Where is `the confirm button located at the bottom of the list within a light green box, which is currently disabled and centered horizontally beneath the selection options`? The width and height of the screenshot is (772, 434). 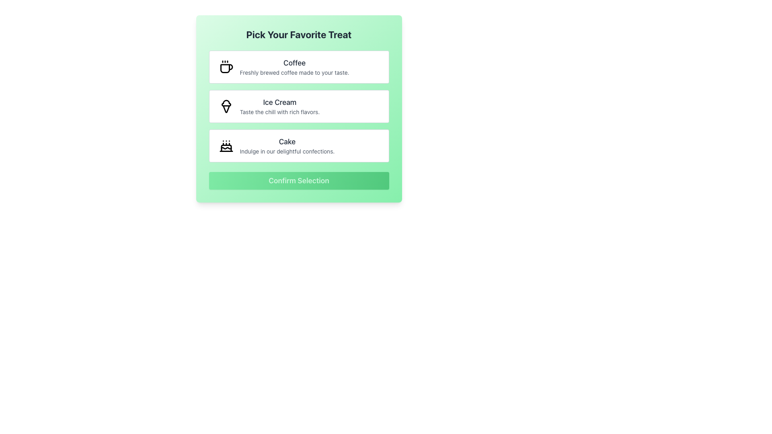
the confirm button located at the bottom of the list within a light green box, which is currently disabled and centered horizontally beneath the selection options is located at coordinates (298, 181).